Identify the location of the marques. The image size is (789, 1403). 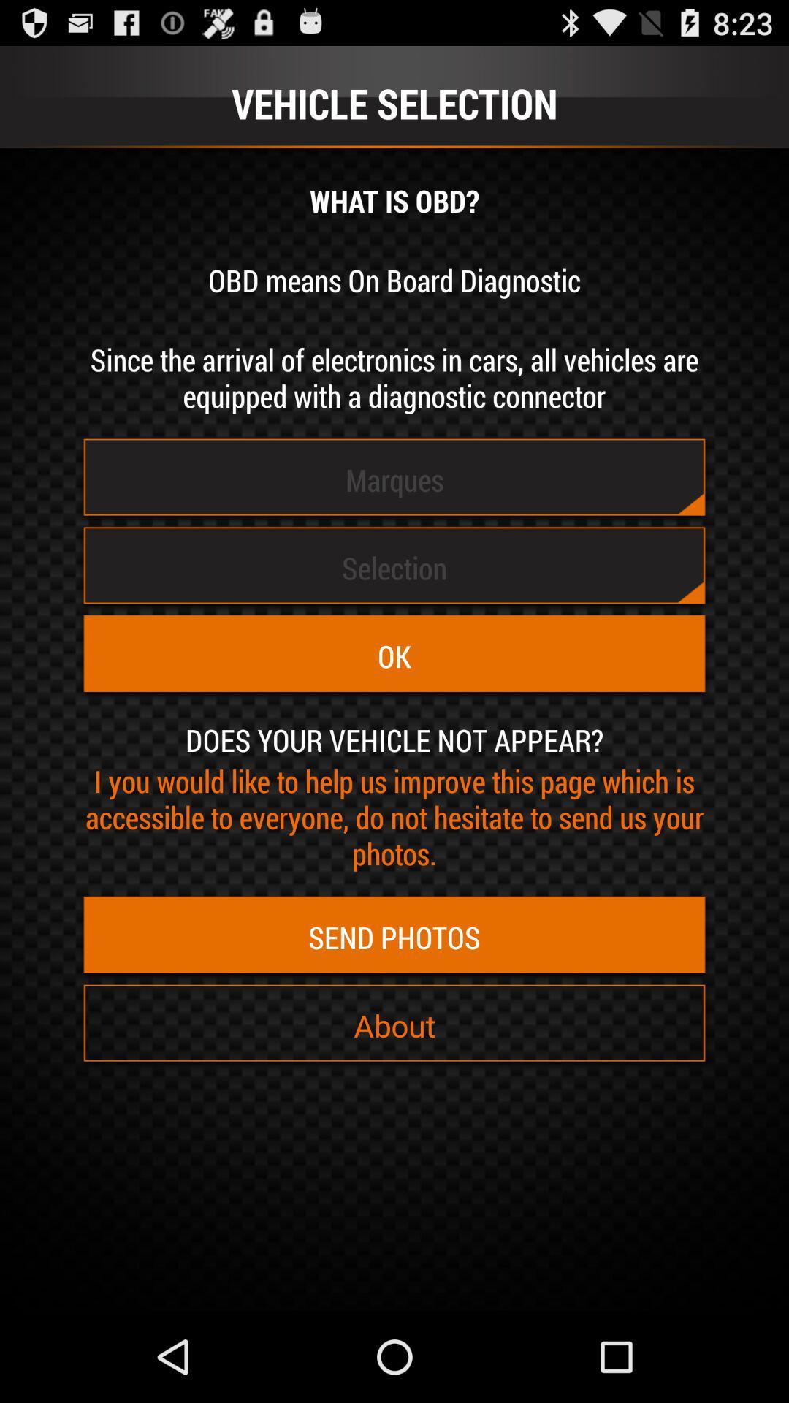
(394, 479).